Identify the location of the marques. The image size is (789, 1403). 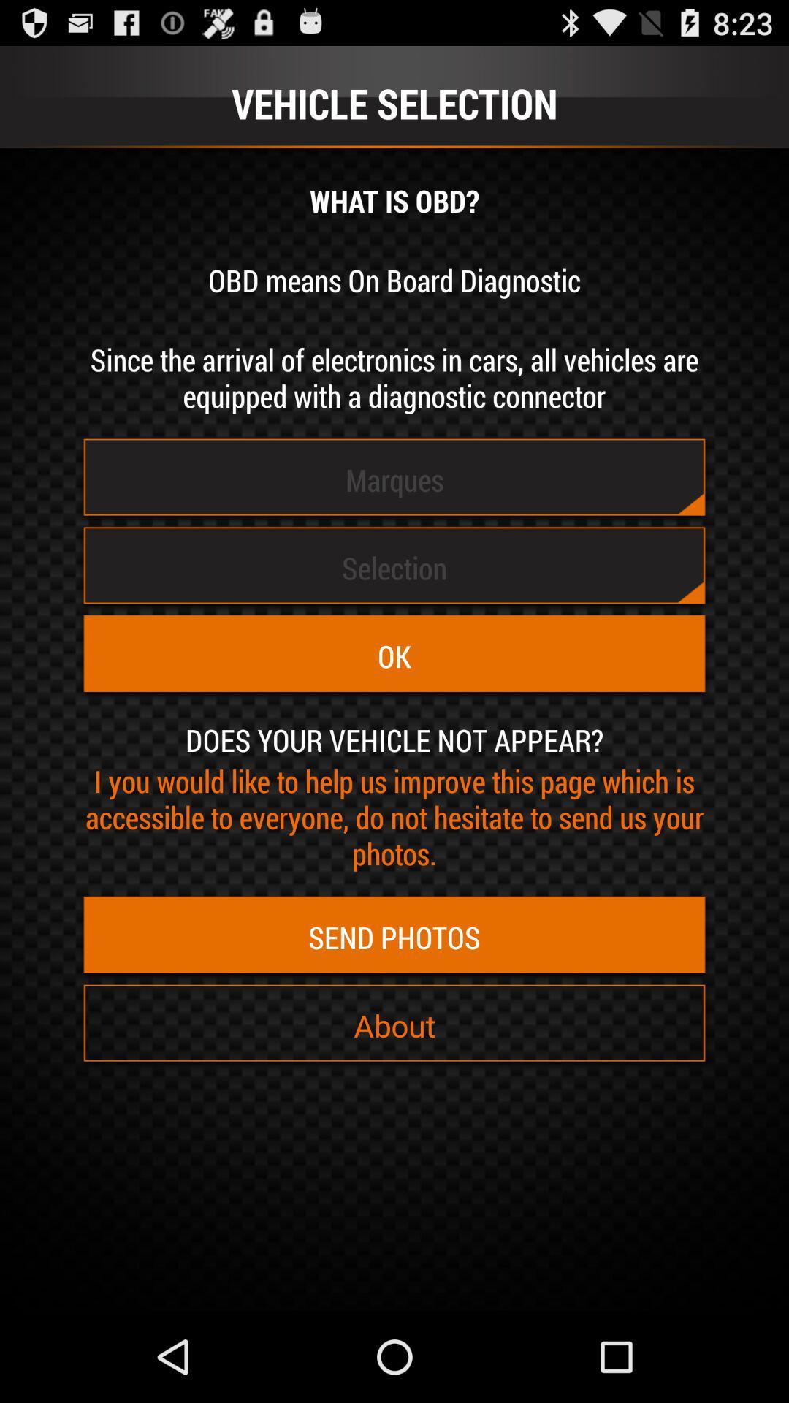
(394, 479).